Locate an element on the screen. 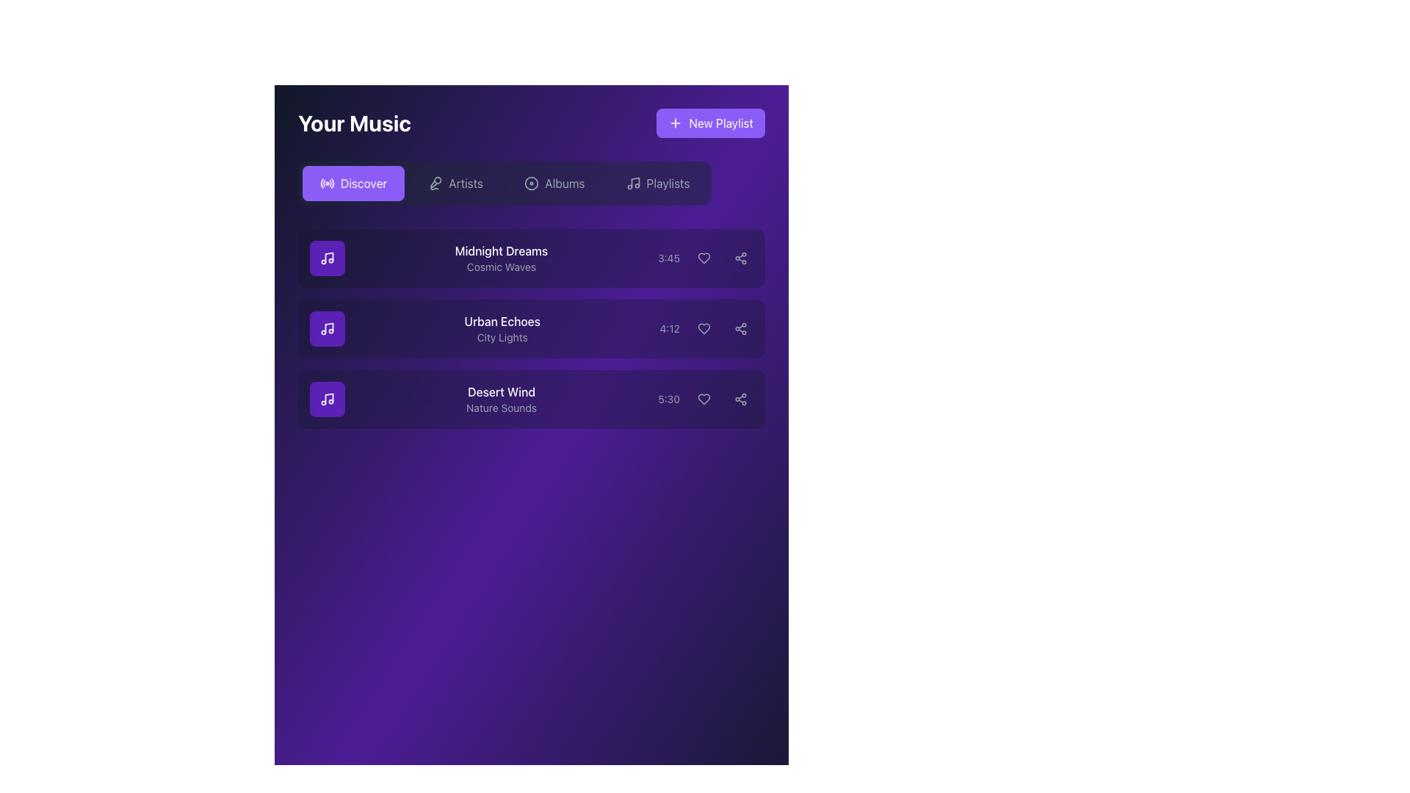 The width and height of the screenshot is (1410, 793). the static text label displaying the duration '4:12' of the song 'Urban Echoes', which is styled in gray and semi-transparent within the second row of the song list is located at coordinates (669, 327).